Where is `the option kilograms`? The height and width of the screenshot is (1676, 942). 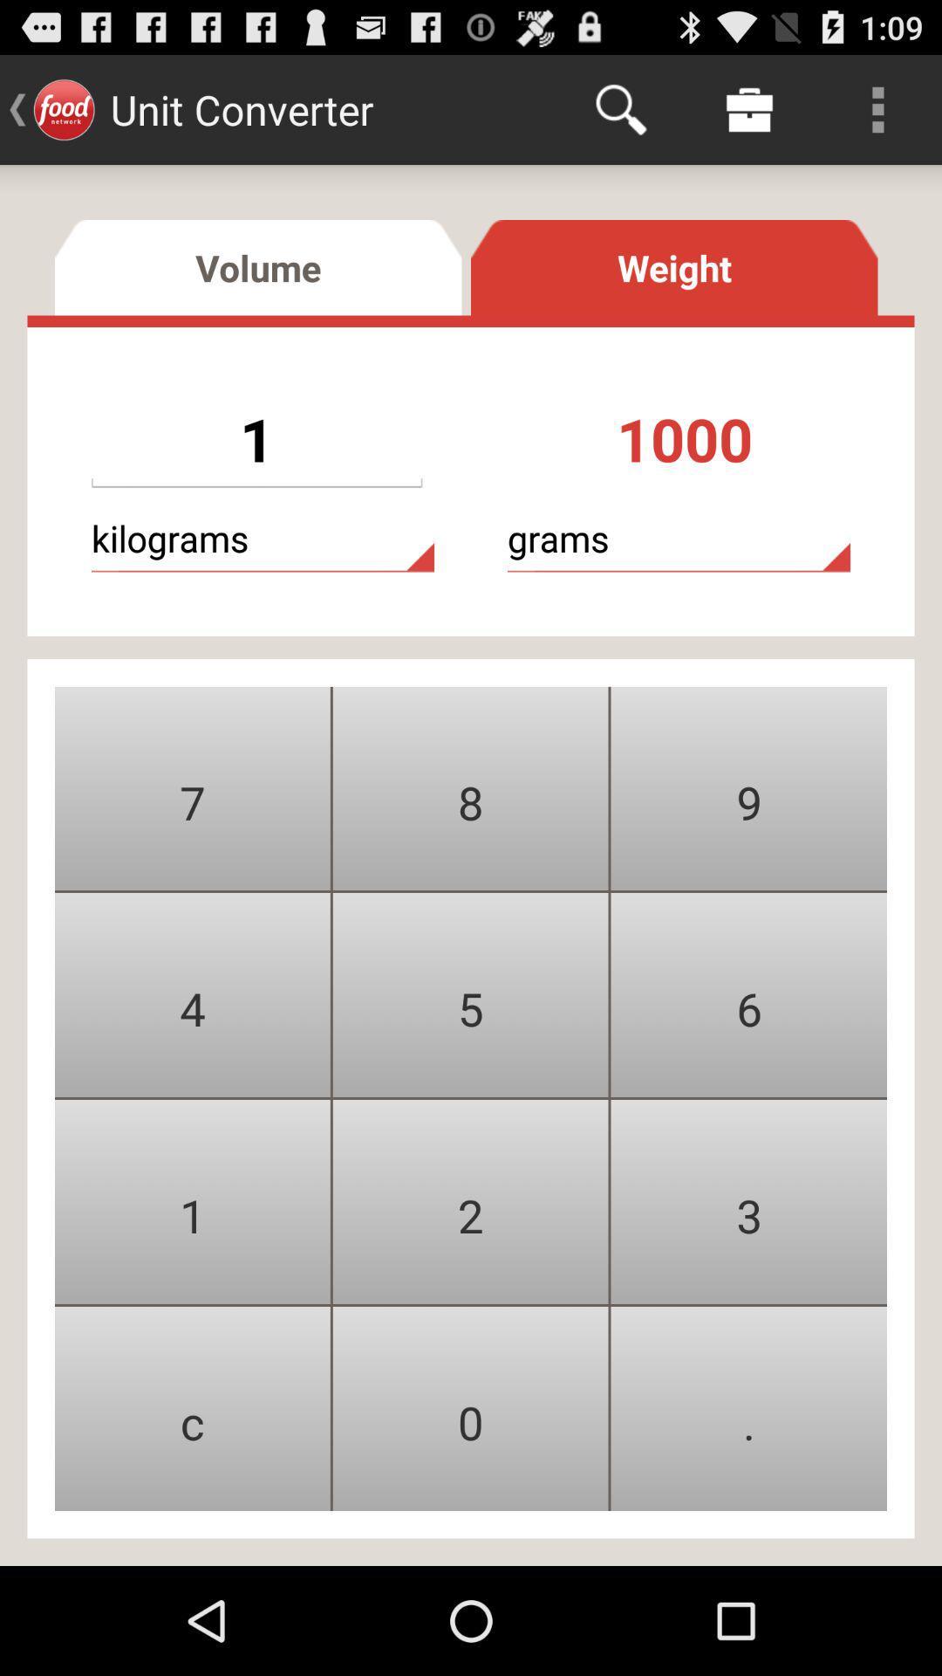 the option kilograms is located at coordinates (263, 538).